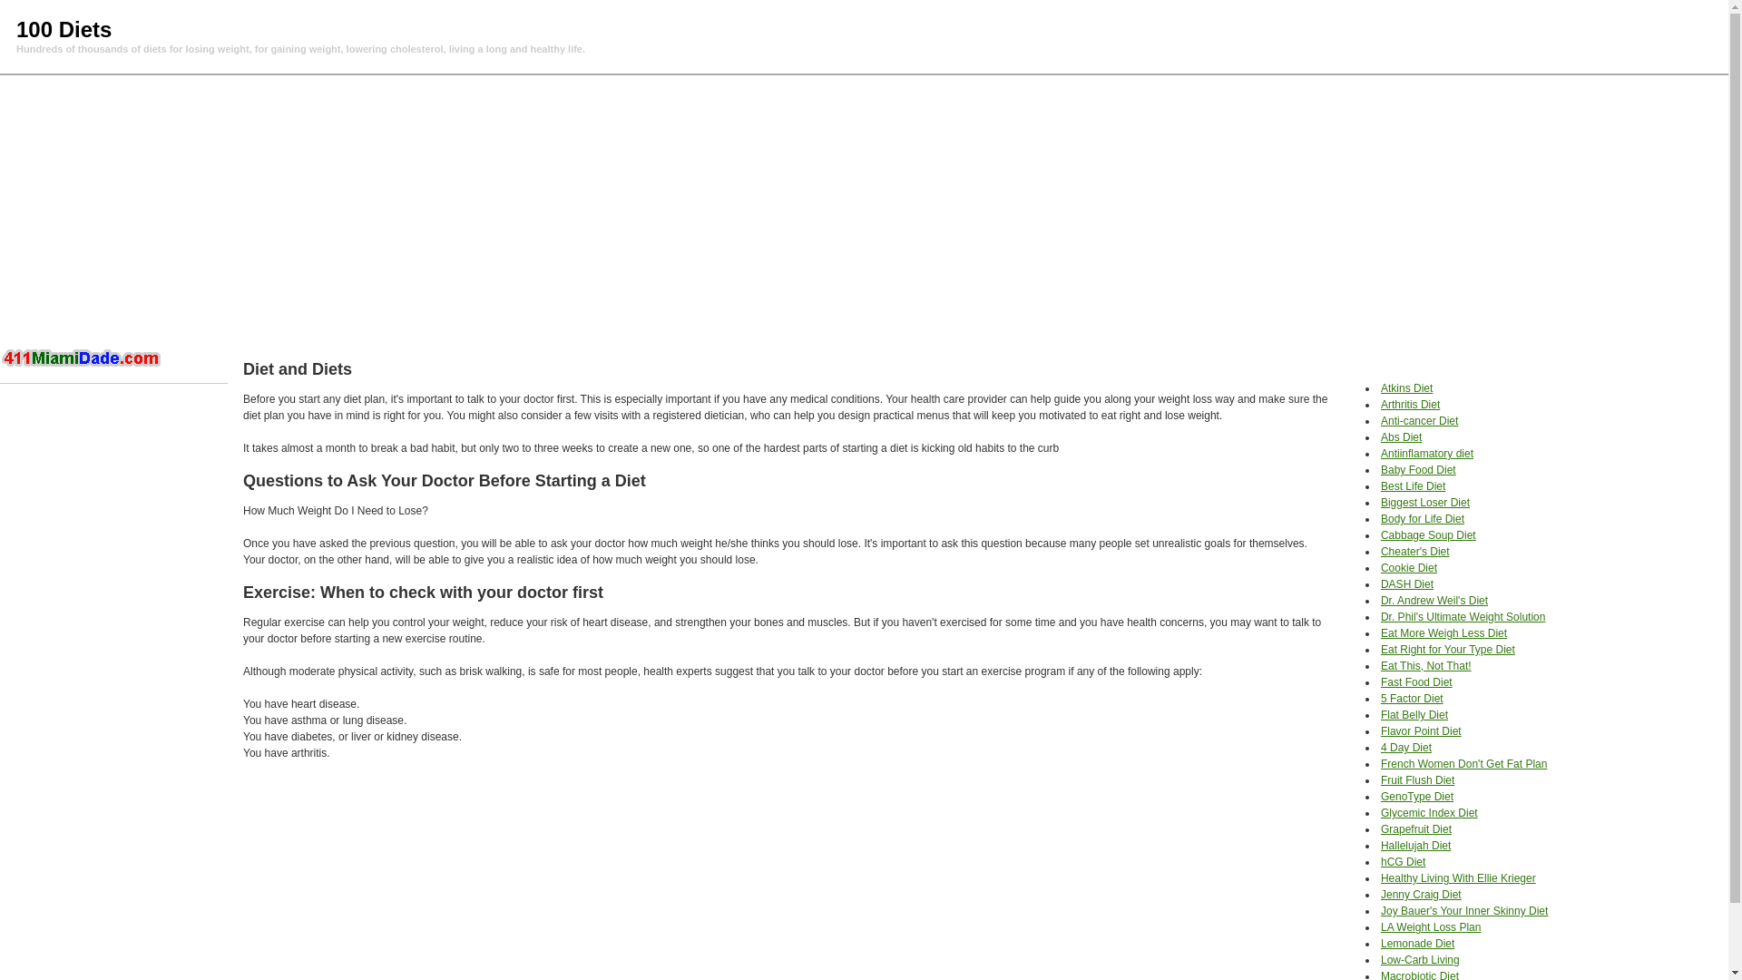 The width and height of the screenshot is (1742, 980). I want to click on 'Advertisement', so click(862, 210).